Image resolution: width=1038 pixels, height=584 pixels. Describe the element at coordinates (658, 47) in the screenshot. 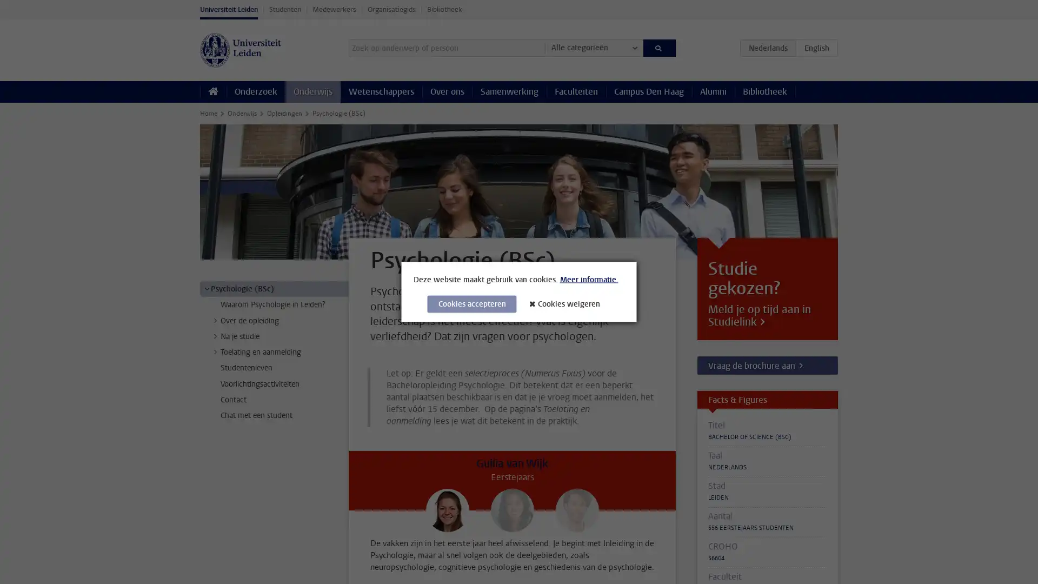

I see `Zoeken` at that location.